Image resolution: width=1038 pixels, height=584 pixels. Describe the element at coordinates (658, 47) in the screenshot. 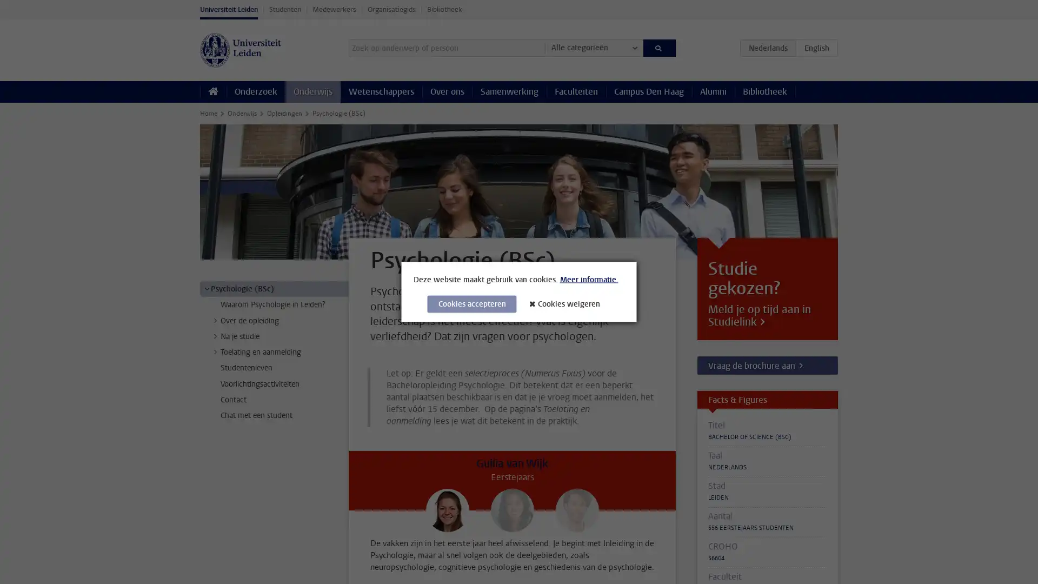

I see `Zoeken` at that location.